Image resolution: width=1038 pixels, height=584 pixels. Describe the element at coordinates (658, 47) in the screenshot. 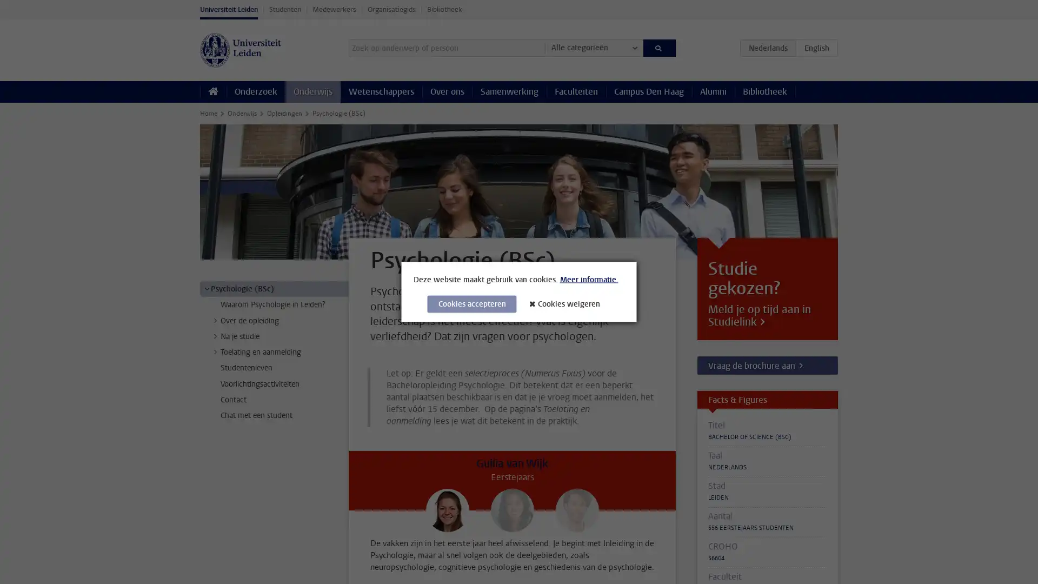

I see `Zoeken` at that location.